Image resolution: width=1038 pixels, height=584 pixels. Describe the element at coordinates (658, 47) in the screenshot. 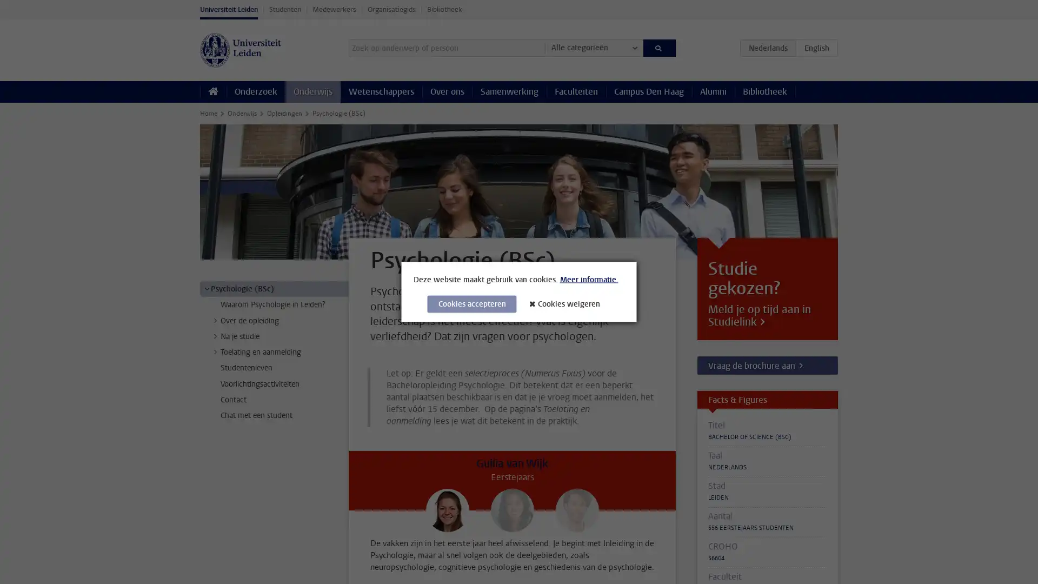

I see `Zoeken` at that location.